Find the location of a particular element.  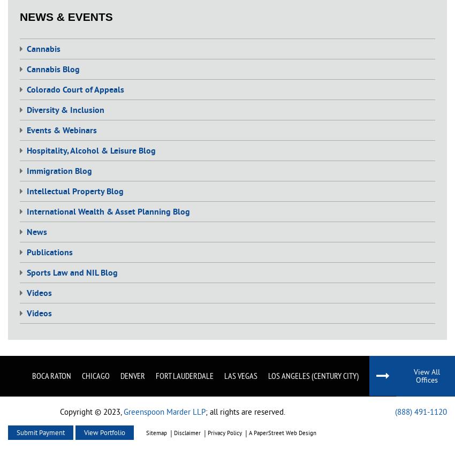

'Events & Webinars' is located at coordinates (61, 130).